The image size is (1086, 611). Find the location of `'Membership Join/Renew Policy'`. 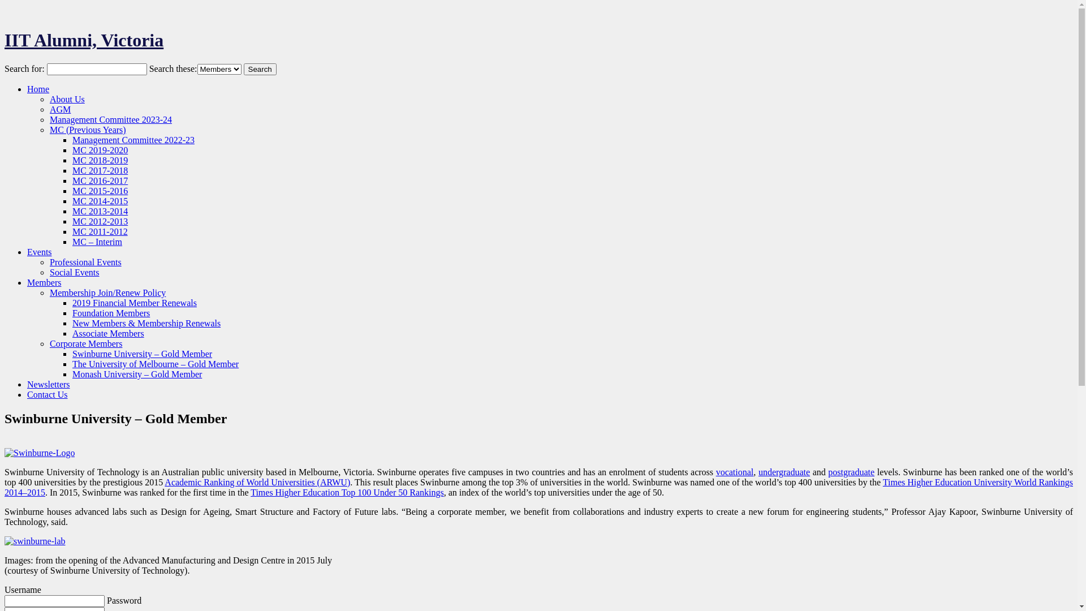

'Membership Join/Renew Policy' is located at coordinates (49, 292).